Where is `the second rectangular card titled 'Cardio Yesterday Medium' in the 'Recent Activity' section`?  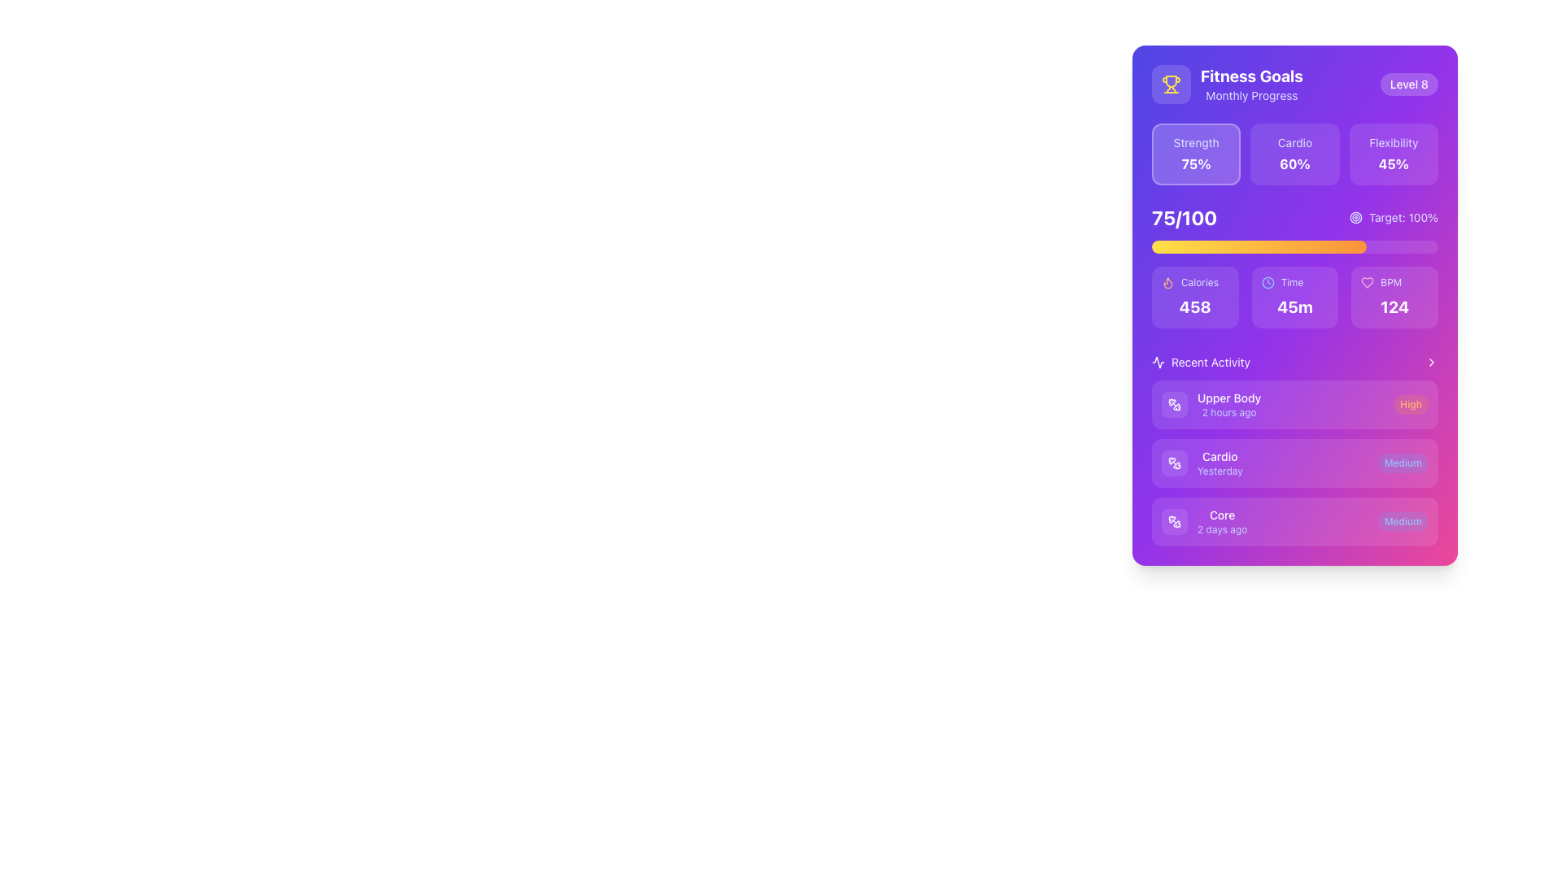 the second rectangular card titled 'Cardio Yesterday Medium' in the 'Recent Activity' section is located at coordinates (1294, 450).